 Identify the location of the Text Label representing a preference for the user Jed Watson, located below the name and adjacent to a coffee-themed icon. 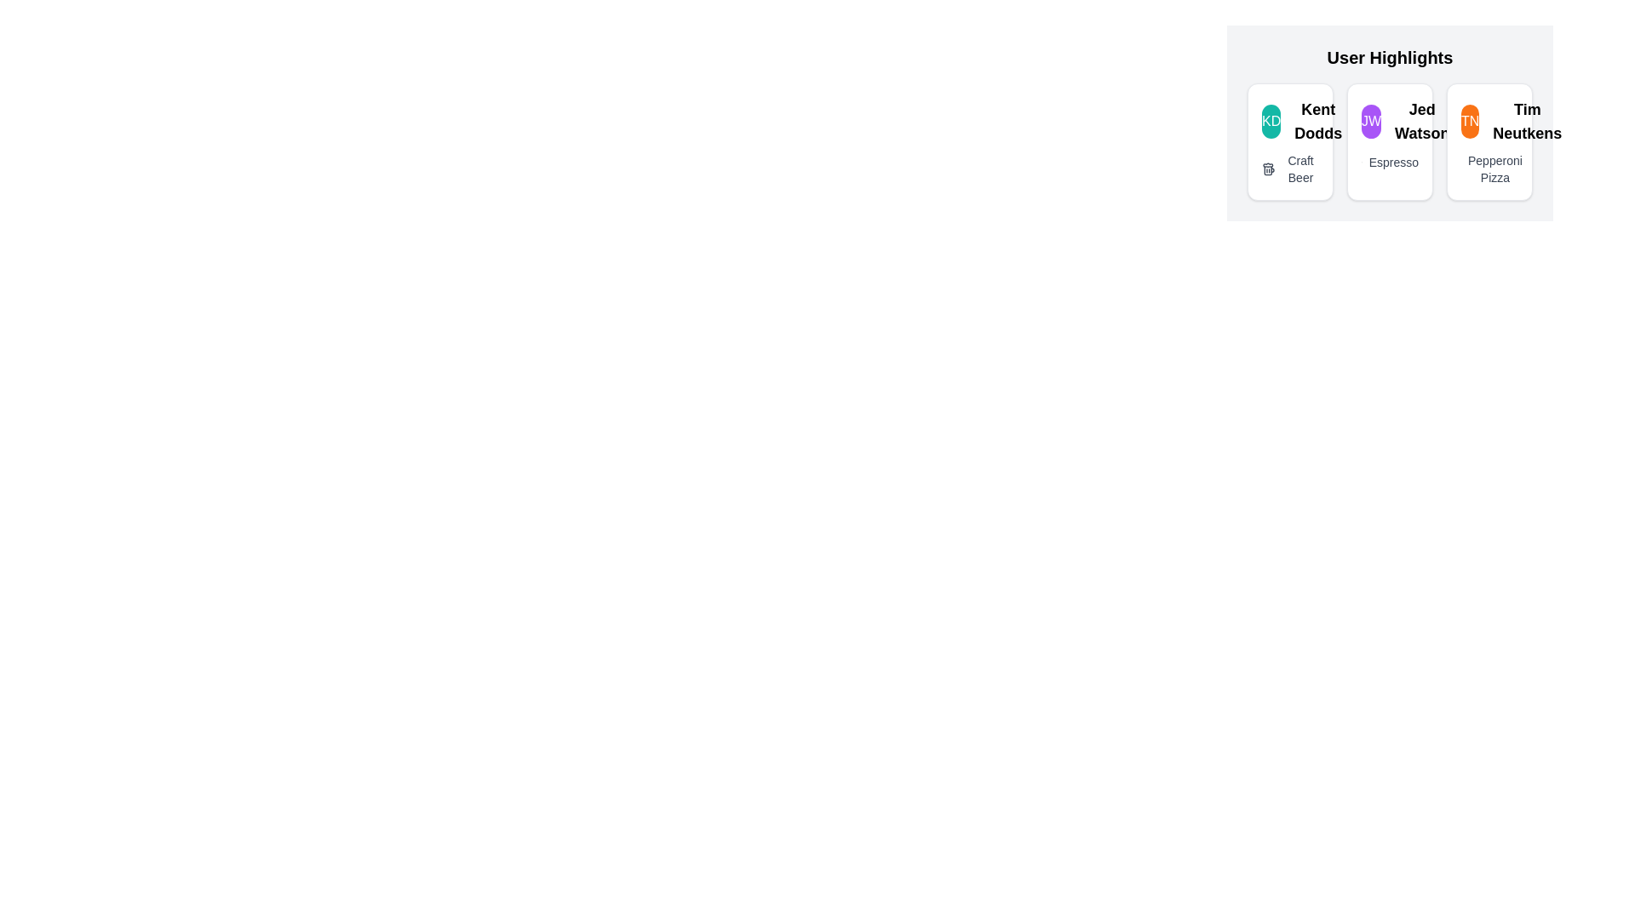
(1390, 163).